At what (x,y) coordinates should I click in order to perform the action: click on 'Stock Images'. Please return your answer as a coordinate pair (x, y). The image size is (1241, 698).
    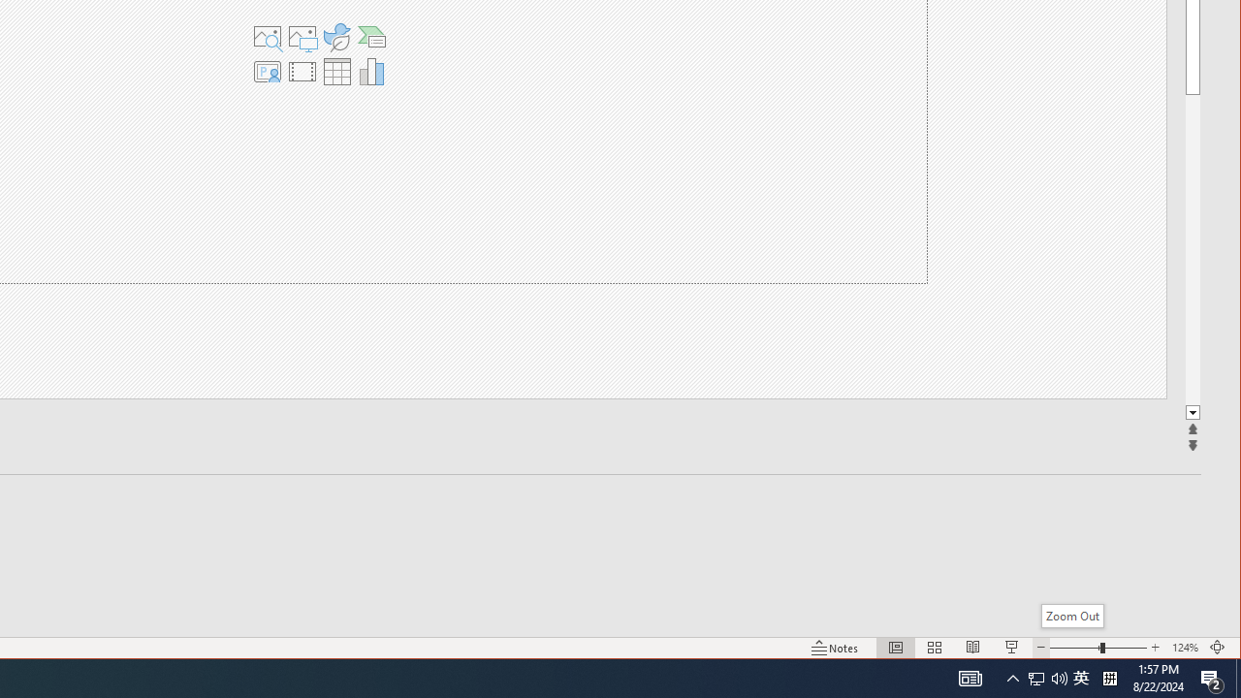
    Looking at the image, I should click on (266, 37).